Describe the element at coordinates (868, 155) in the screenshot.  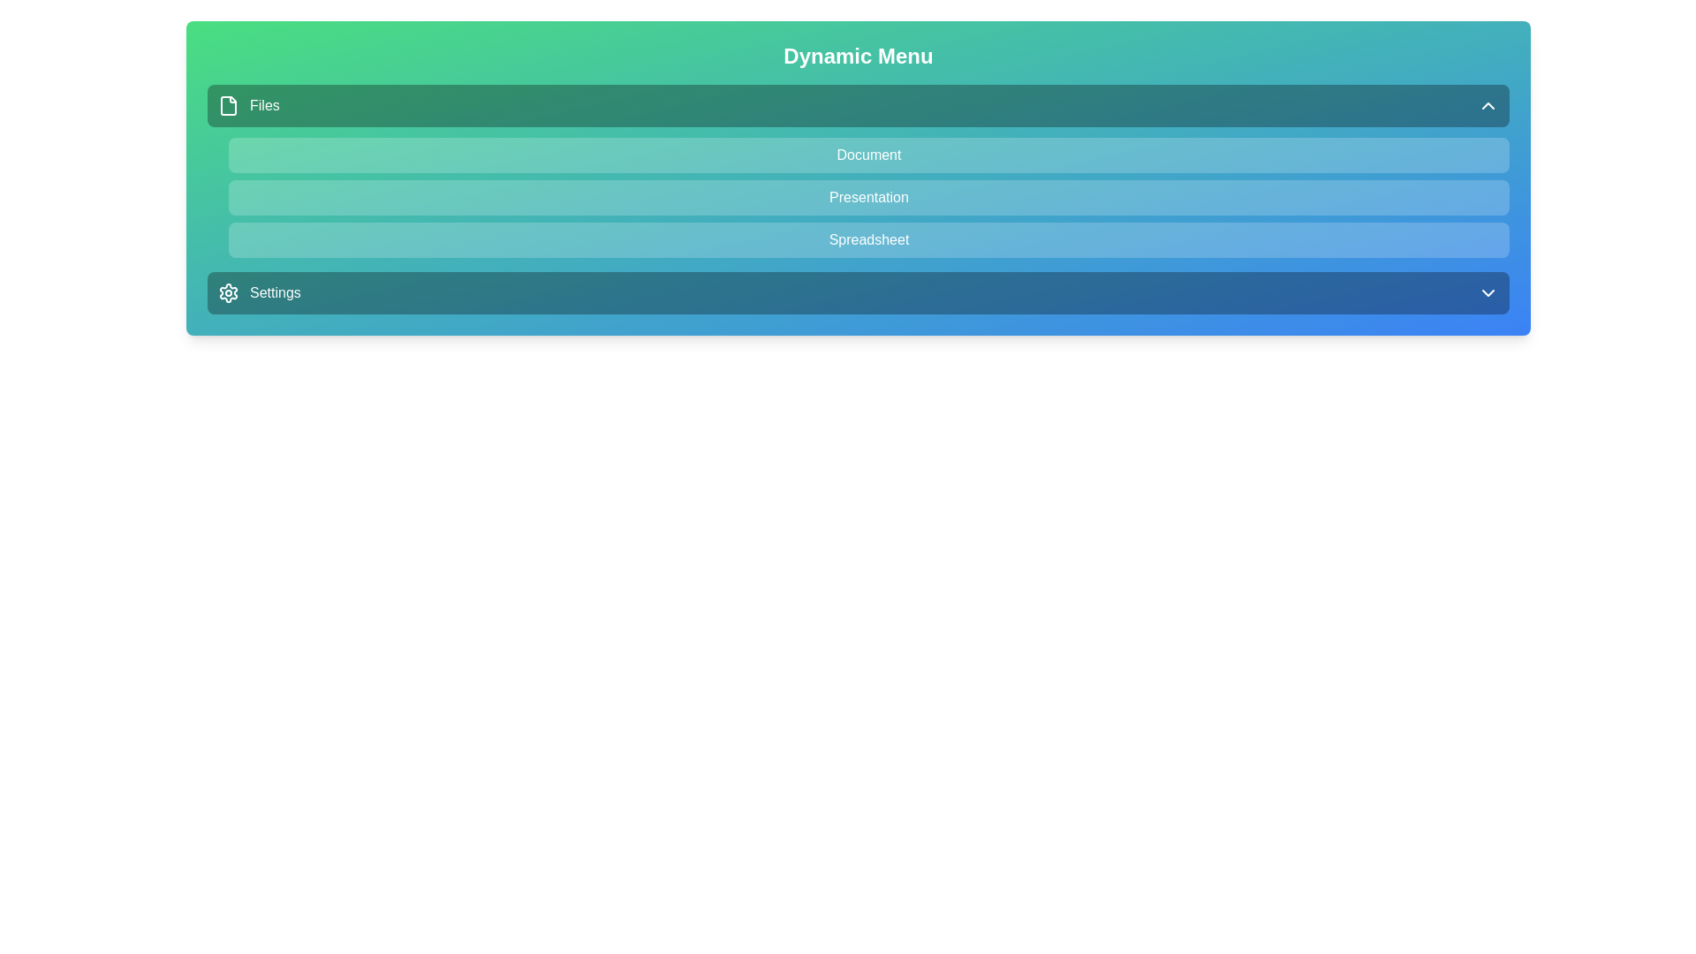
I see `the 'Document' menu item, which is the first entry in a vertical list below the 'Files' header and above the 'Presentation' entry, styled with a light overlay and rounded corners` at that location.